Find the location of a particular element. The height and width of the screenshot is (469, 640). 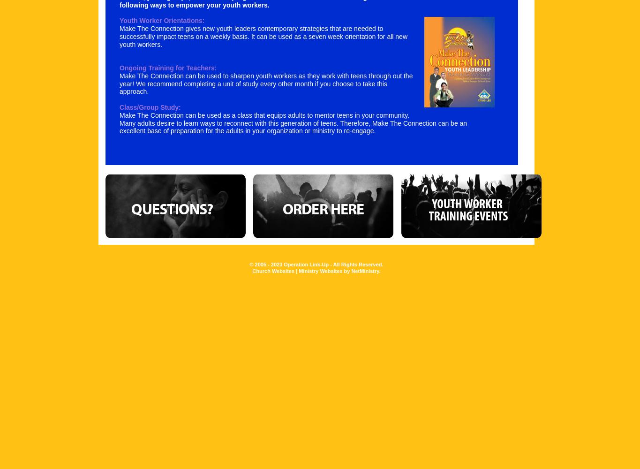

'by' is located at coordinates (347, 270).